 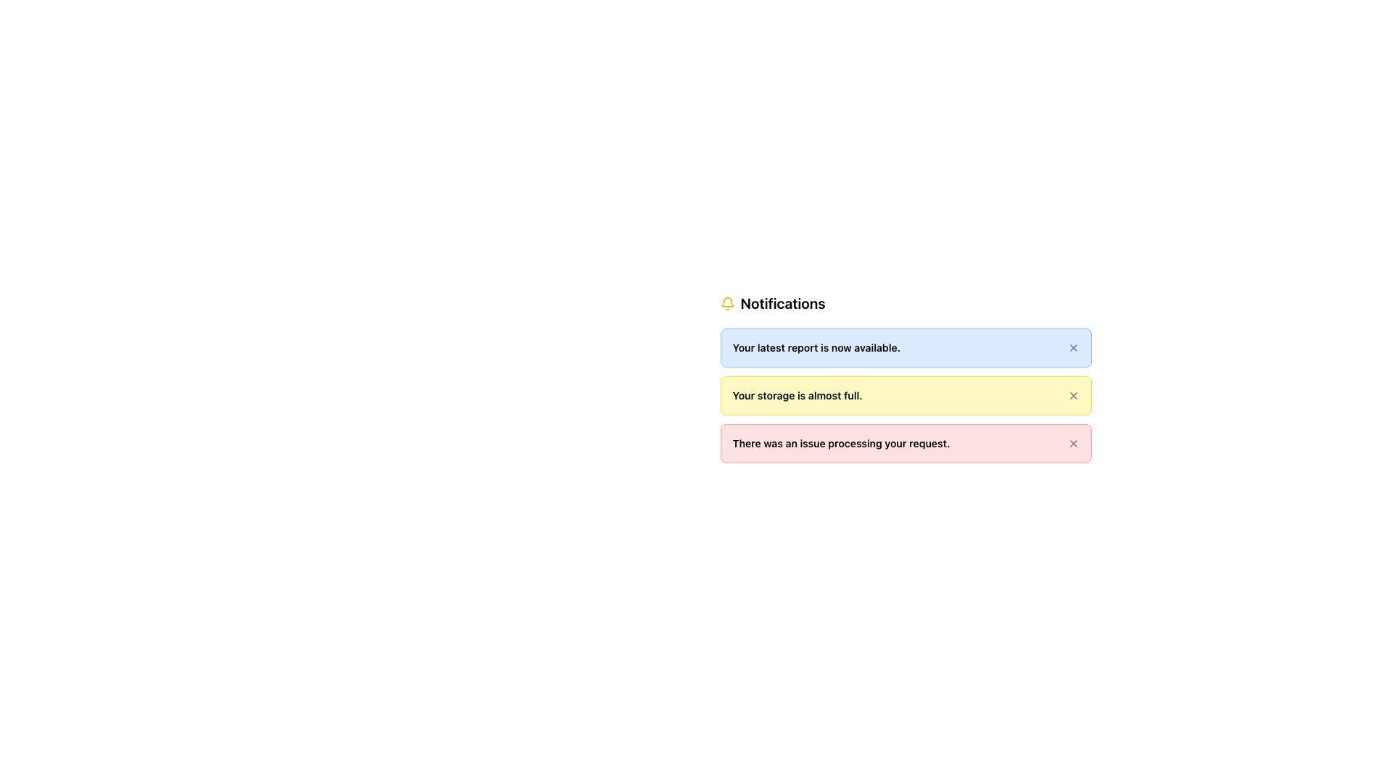 What do you see at coordinates (841, 443) in the screenshot?
I see `the warning or error message text in the third notification card located on the right side of the display inside the notification panel` at bounding box center [841, 443].